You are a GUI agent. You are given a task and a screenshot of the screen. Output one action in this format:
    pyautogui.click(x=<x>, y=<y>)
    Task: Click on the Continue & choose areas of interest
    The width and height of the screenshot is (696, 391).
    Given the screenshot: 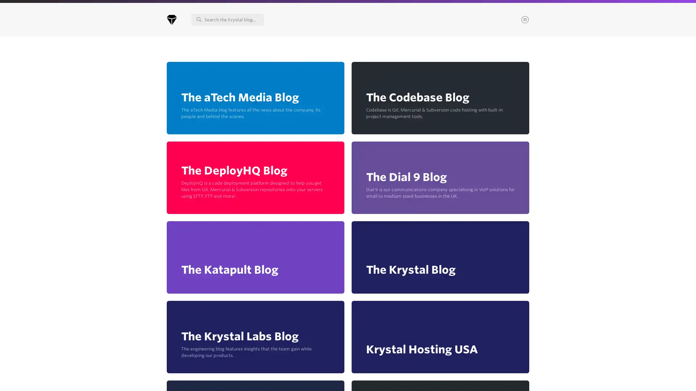 What is the action you would take?
    pyautogui.click(x=212, y=142)
    